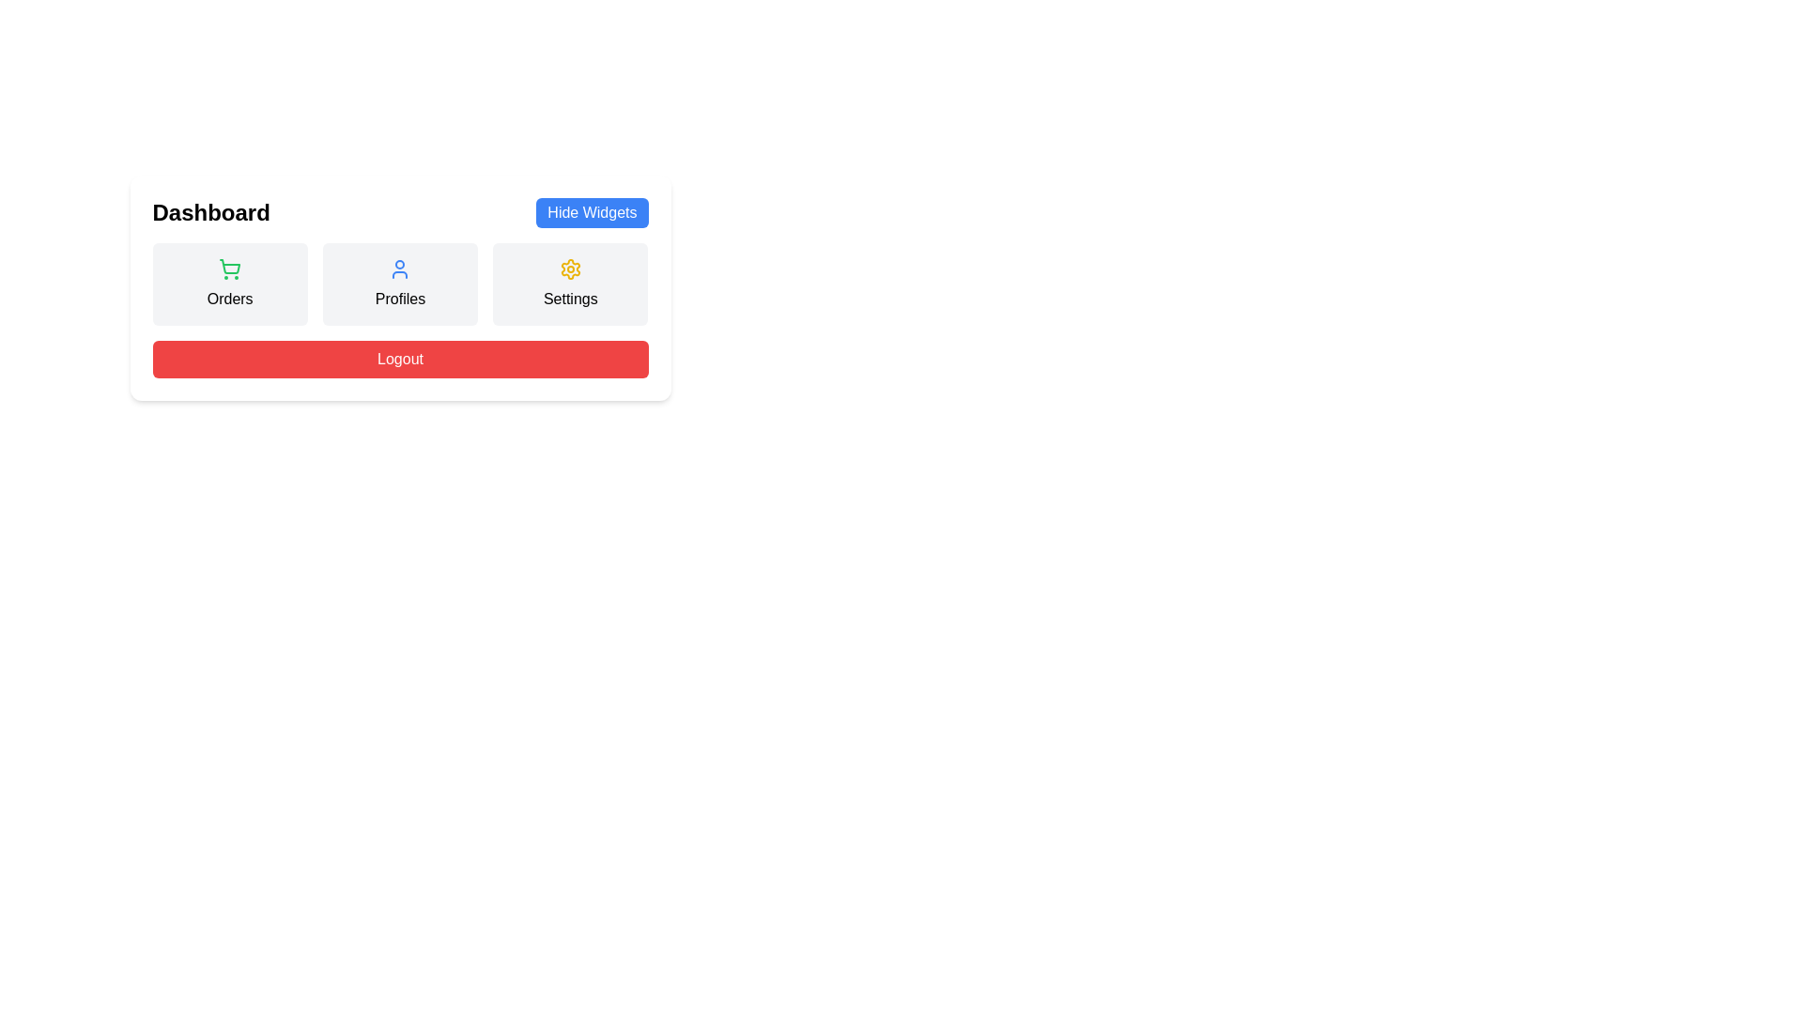  What do you see at coordinates (399, 269) in the screenshot?
I see `the user profile icon located at the top of the 'Profiles' card, which is positioned between the 'Orders' and 'Settings' cards on the dashboard` at bounding box center [399, 269].